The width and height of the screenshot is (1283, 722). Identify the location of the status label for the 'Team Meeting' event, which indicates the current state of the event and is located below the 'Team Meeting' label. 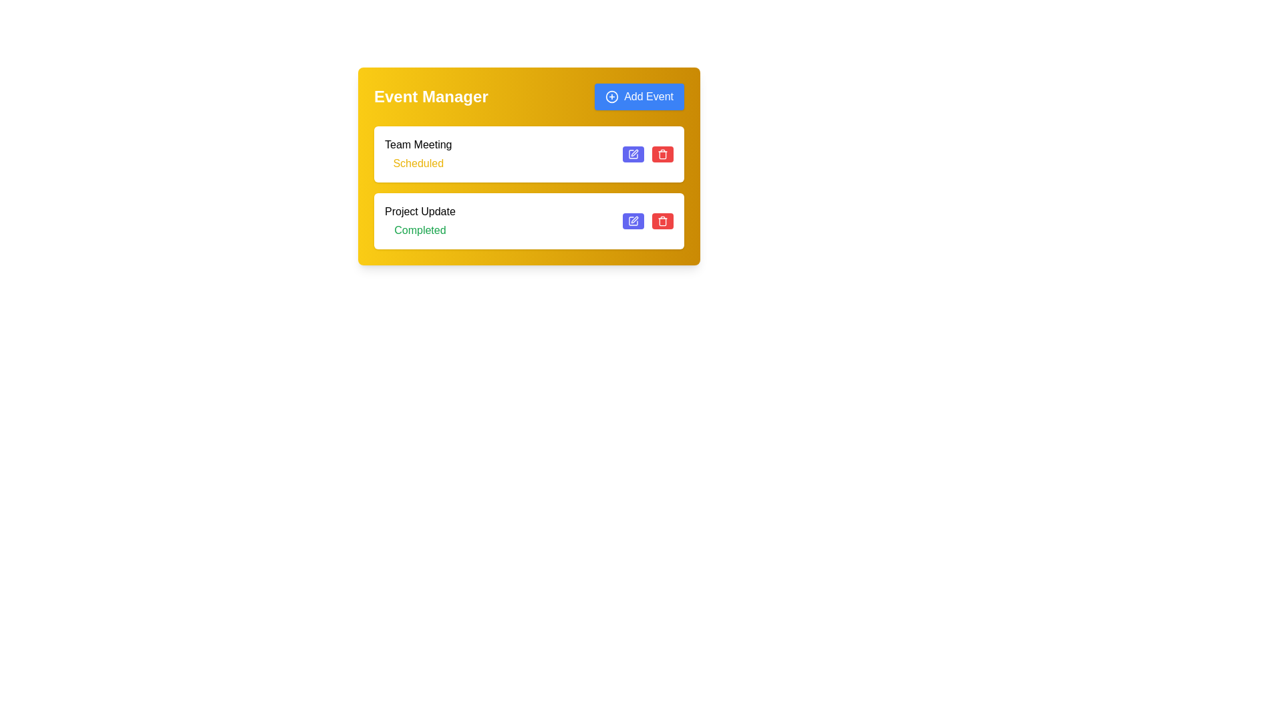
(418, 163).